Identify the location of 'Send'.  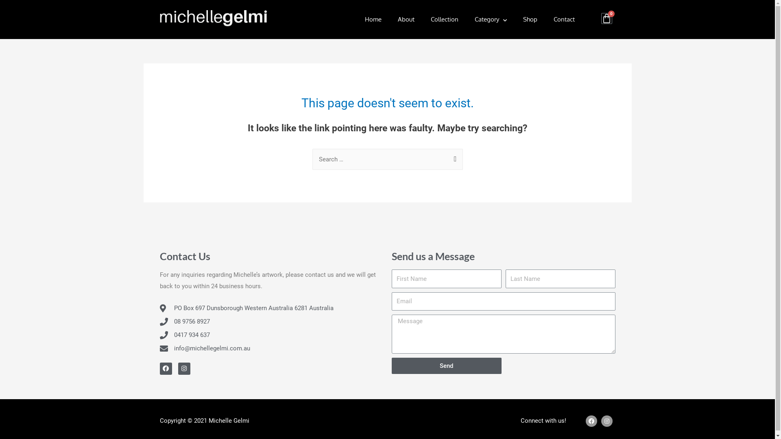
(446, 365).